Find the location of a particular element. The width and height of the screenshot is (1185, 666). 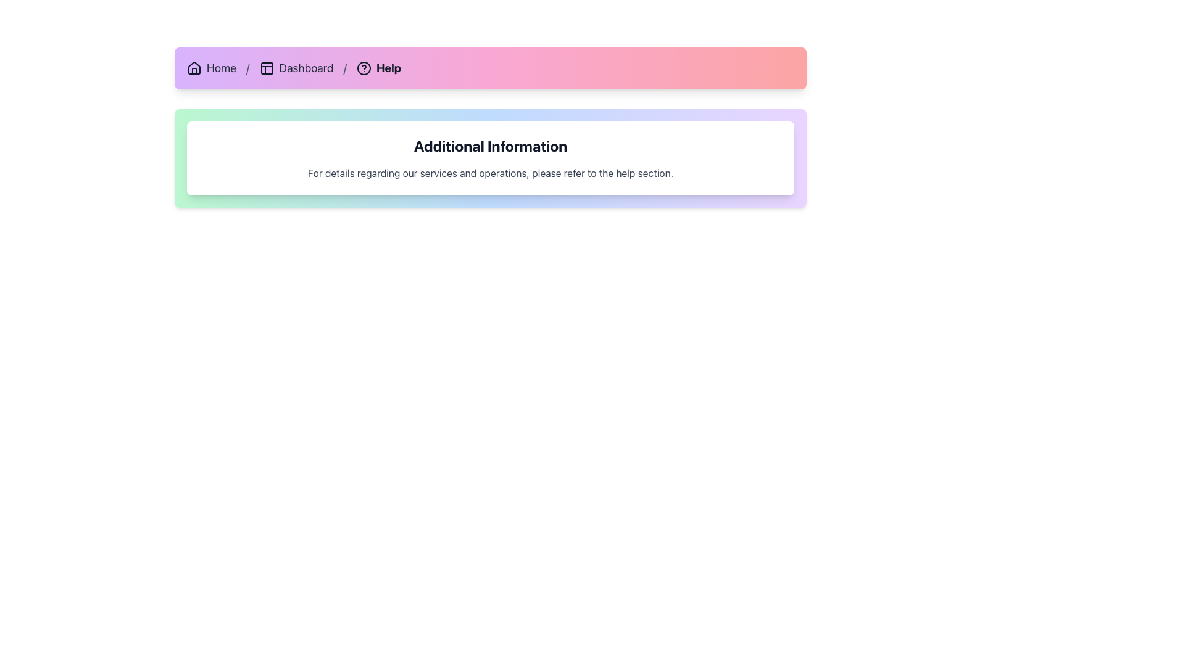

the 'Help' breadcrumb navigation item, which is the third item in the breadcrumb bar located at the top center of the page is located at coordinates (378, 68).